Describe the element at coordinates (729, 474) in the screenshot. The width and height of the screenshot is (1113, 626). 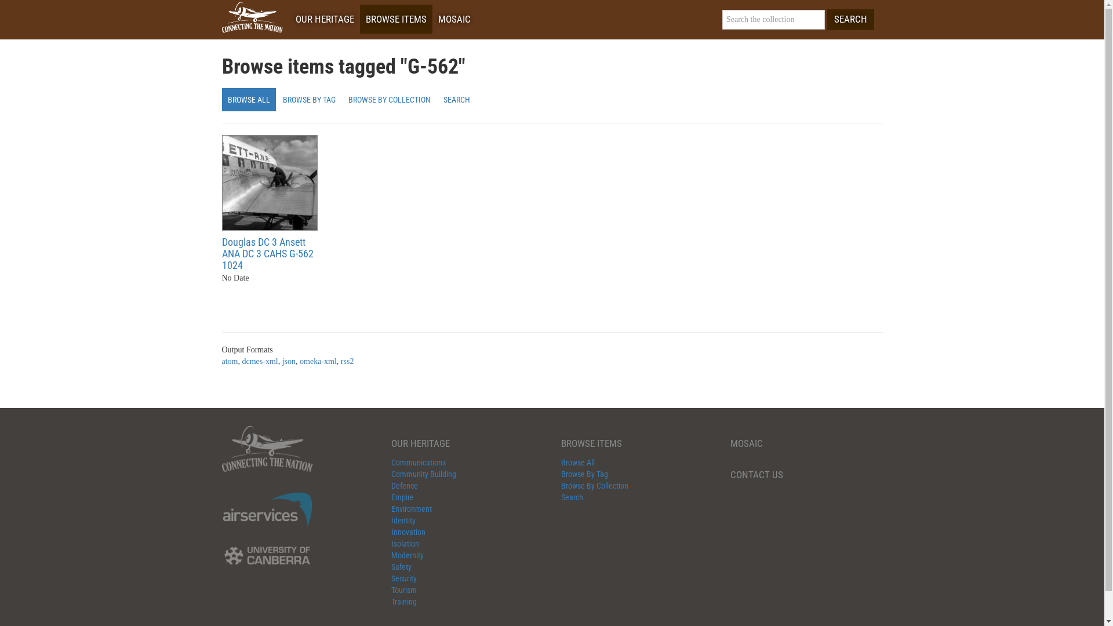
I see `'CONTACT US'` at that location.